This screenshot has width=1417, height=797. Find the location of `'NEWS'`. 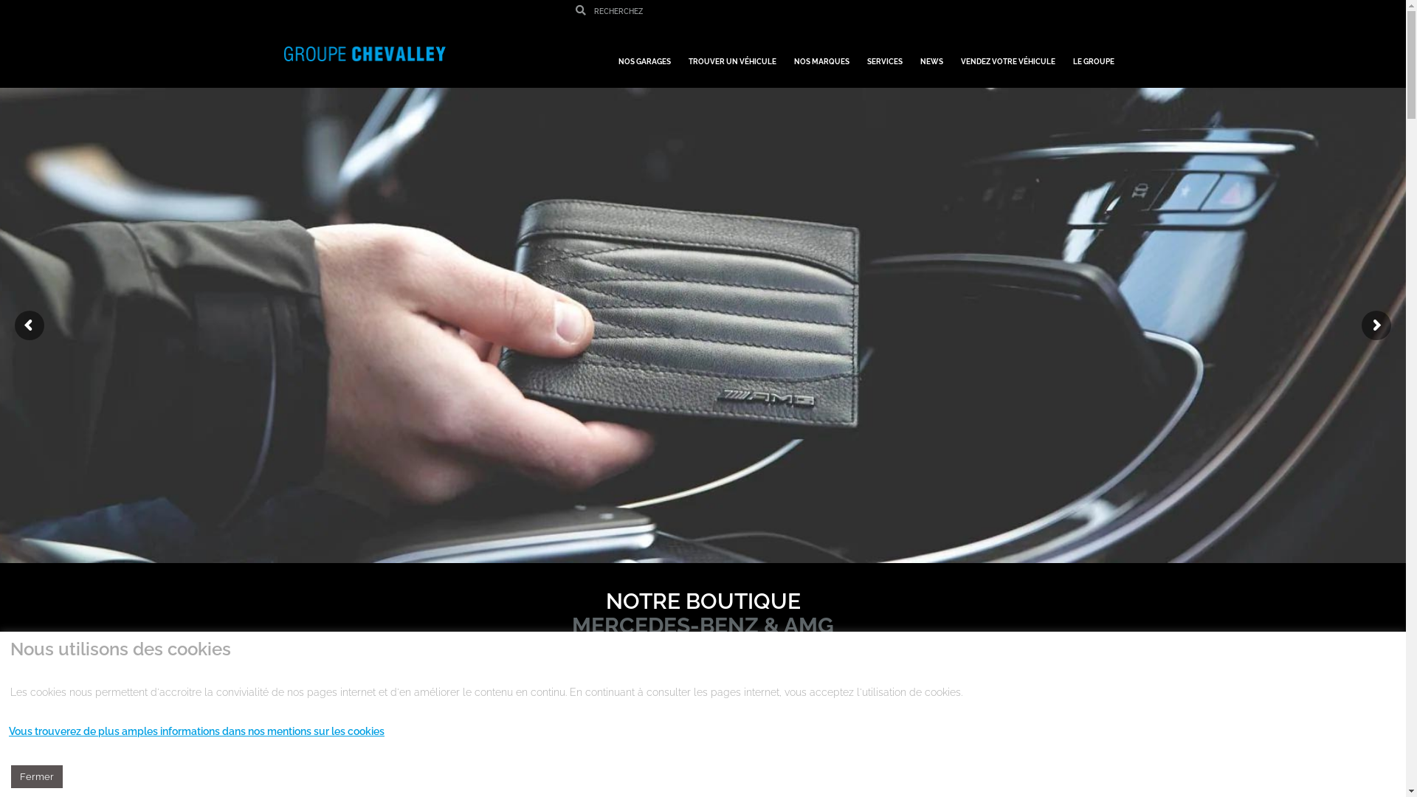

'NEWS' is located at coordinates (930, 54).